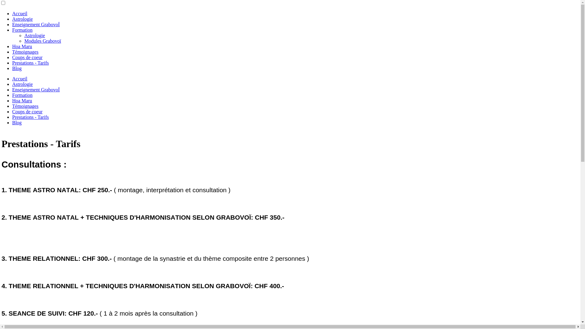  I want to click on 'Accueil', so click(20, 78).